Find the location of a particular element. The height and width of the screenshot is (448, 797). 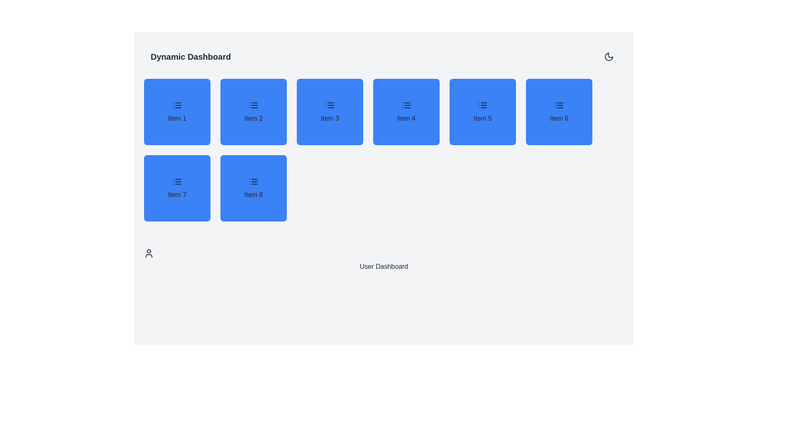

the fourth tile labeled 'Item 4' with a blue background and an icon of three horizontal lines is located at coordinates (406, 112).